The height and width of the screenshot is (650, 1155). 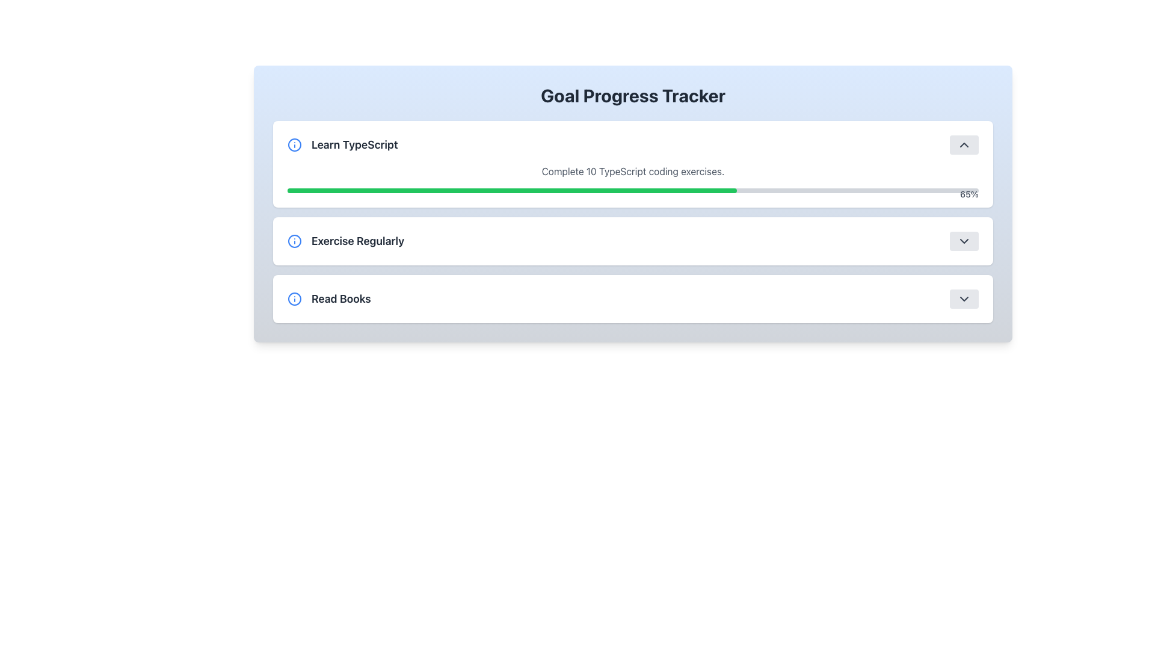 I want to click on the interactive Card element titled 'Read Books', which serves as an entry point for a task or topic, positioned as the third item in a vertical list of similar cards, so click(x=632, y=299).